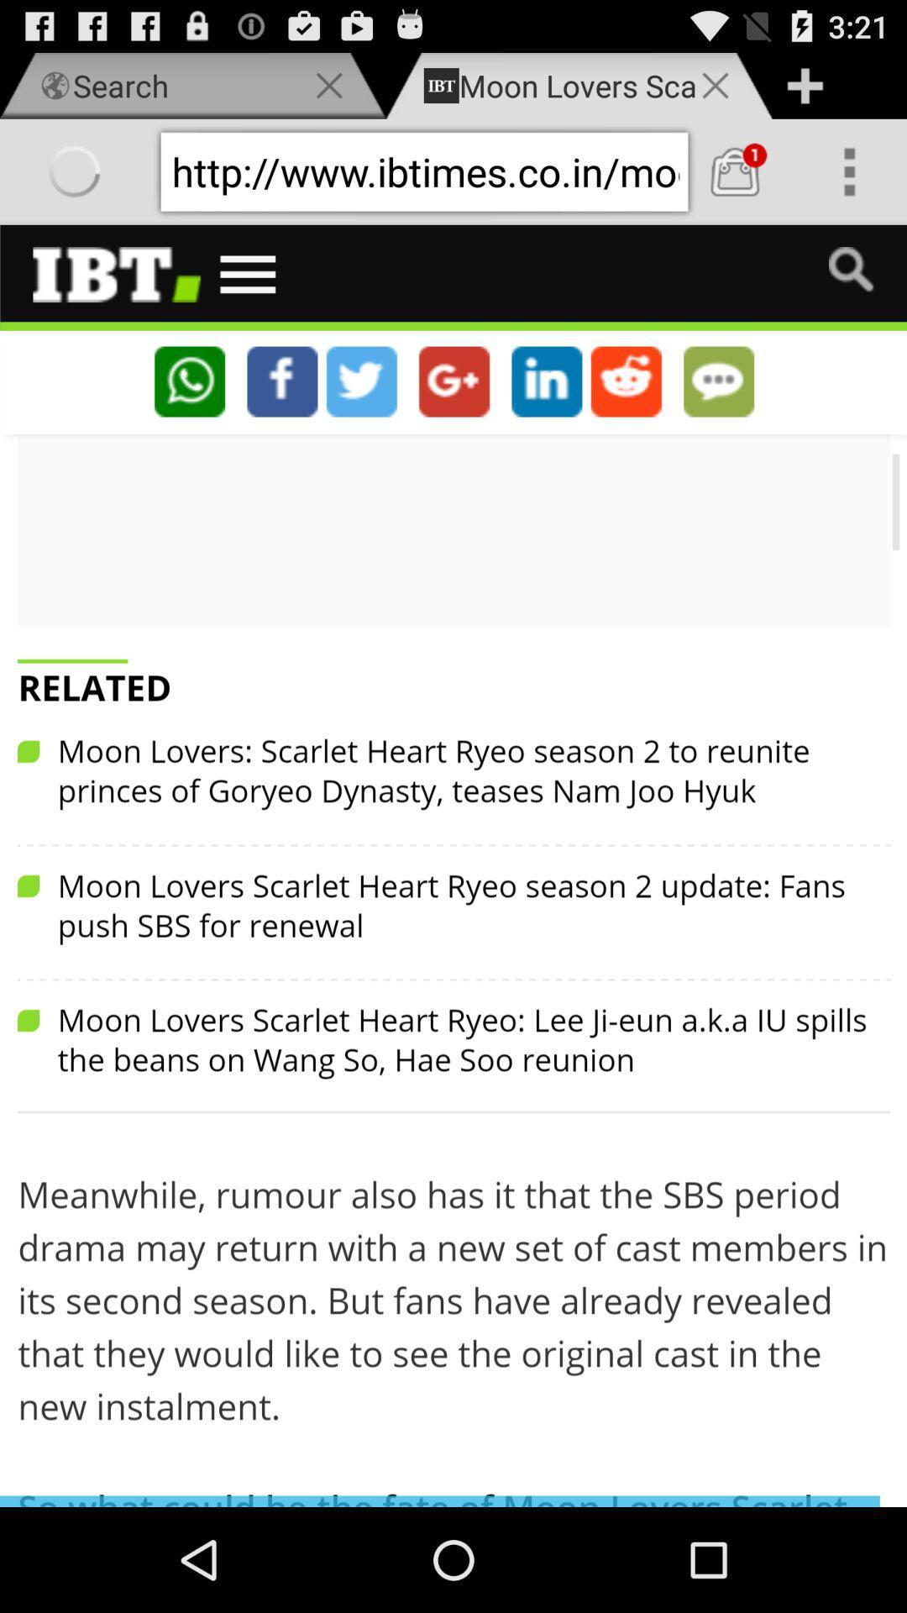 This screenshot has height=1613, width=907. Describe the element at coordinates (804, 85) in the screenshot. I see `button` at that location.